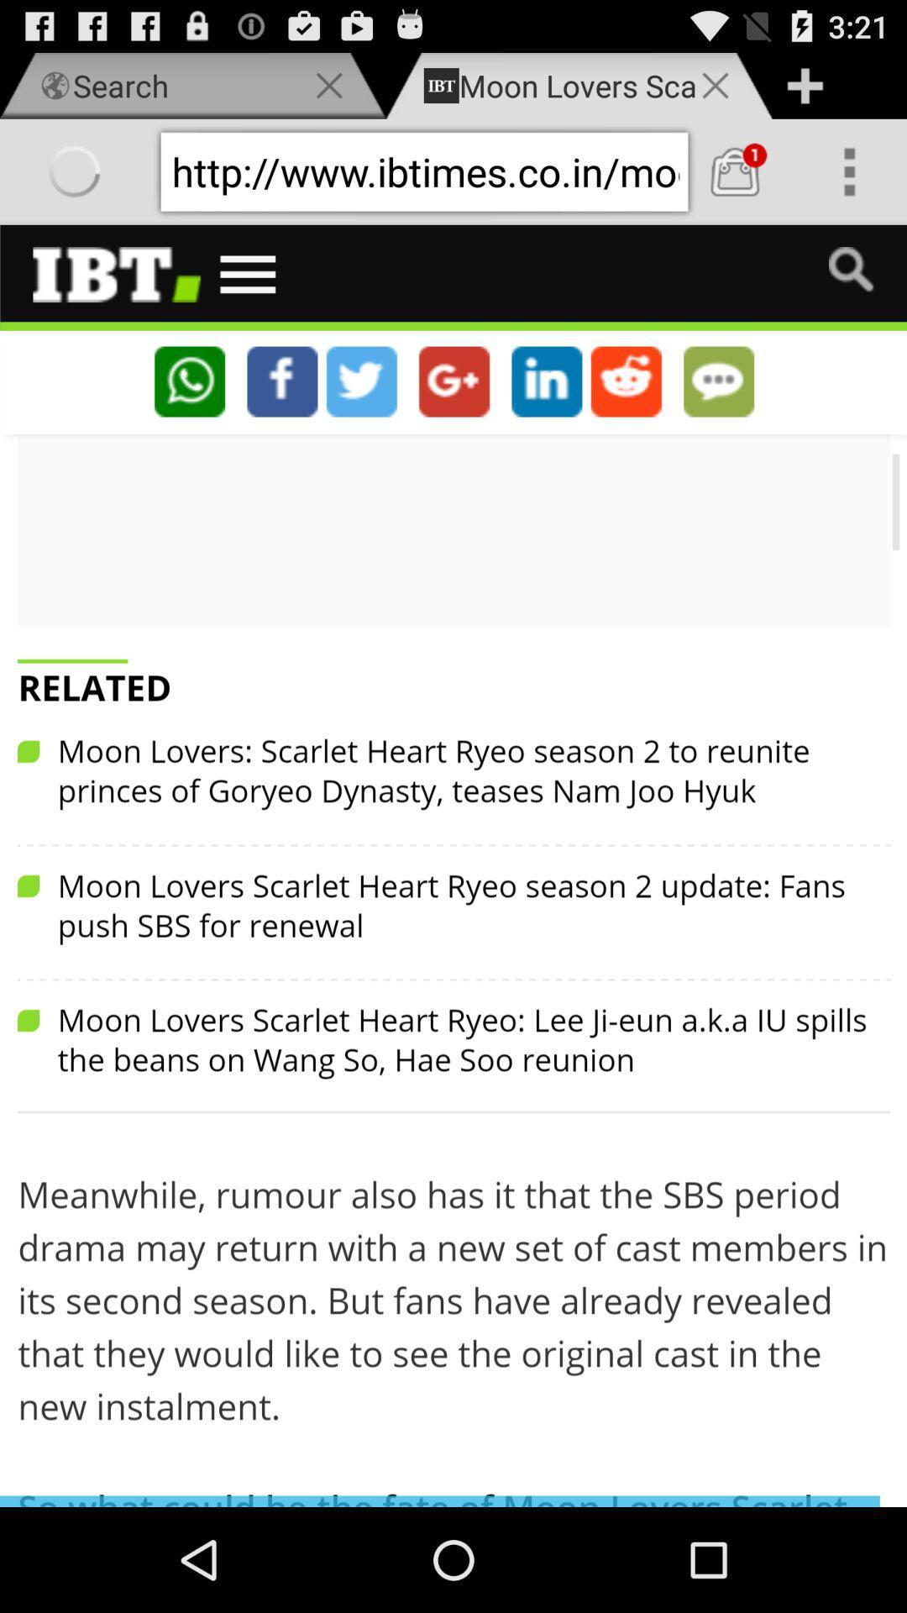 This screenshot has height=1613, width=907. Describe the element at coordinates (804, 85) in the screenshot. I see `button` at that location.